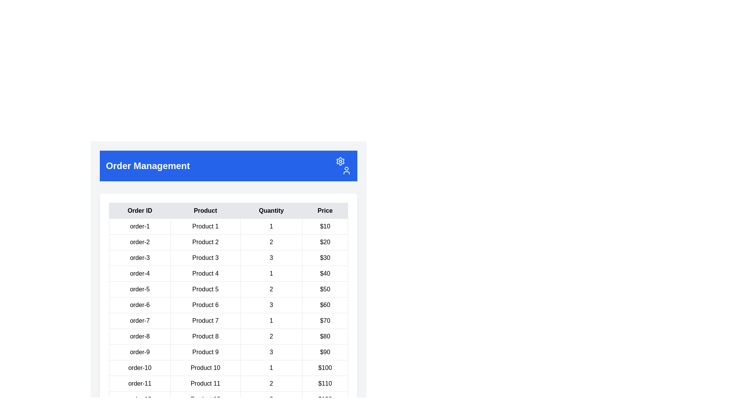 This screenshot has width=737, height=414. What do you see at coordinates (343, 165) in the screenshot?
I see `the settings icon located in the top-right corner of the blue header bar labeled 'Order Management'` at bounding box center [343, 165].